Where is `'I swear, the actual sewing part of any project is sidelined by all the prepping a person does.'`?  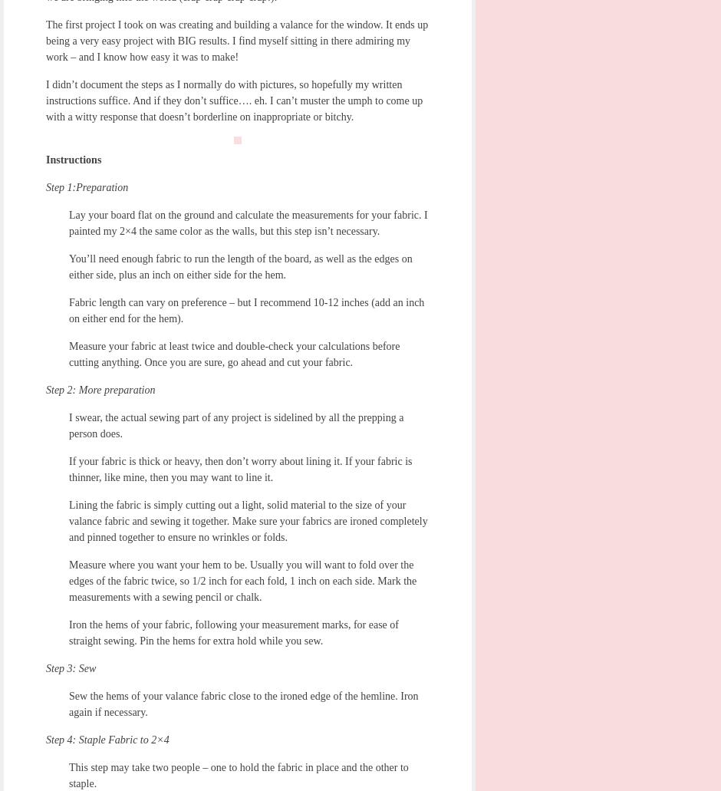 'I swear, the actual sewing part of any project is sidelined by all the prepping a person does.' is located at coordinates (235, 424).